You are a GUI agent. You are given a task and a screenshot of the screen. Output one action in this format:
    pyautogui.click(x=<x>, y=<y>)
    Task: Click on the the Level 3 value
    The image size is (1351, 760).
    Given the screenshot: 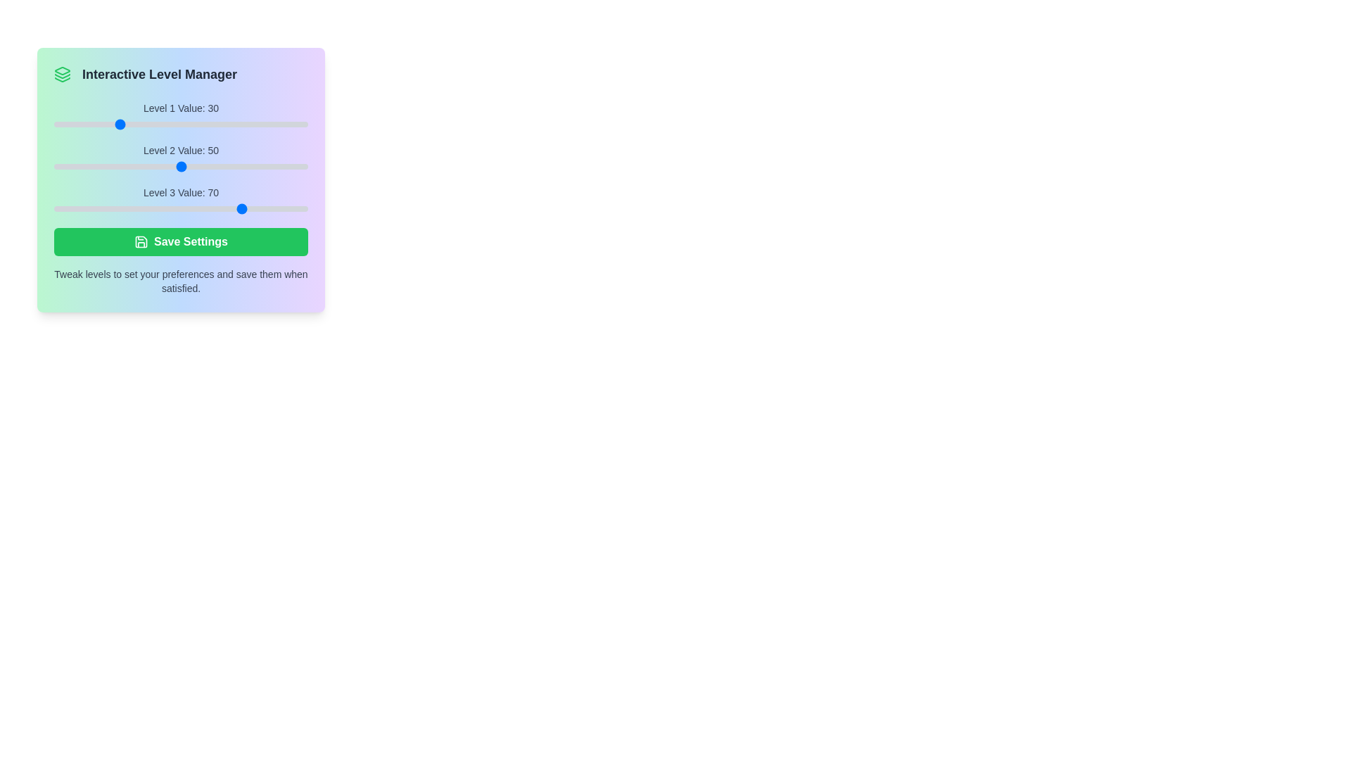 What is the action you would take?
    pyautogui.click(x=186, y=209)
    